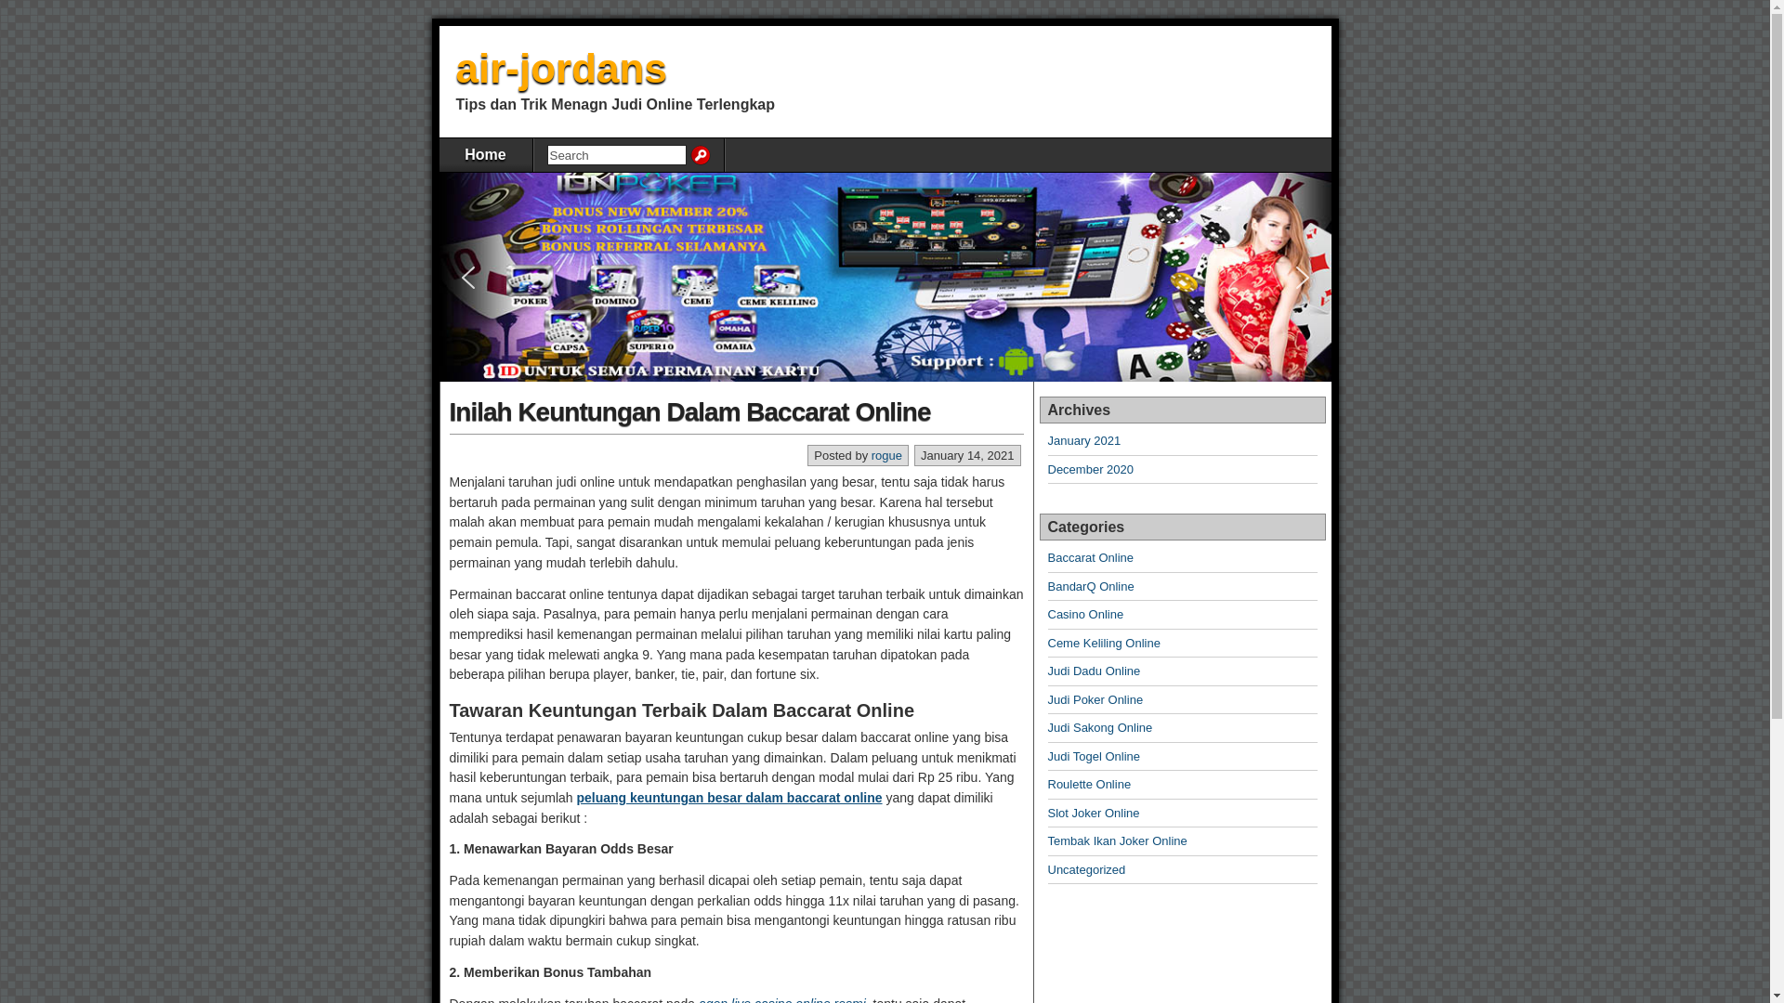 The image size is (1784, 1003). Describe the element at coordinates (485, 153) in the screenshot. I see `'Home'` at that location.